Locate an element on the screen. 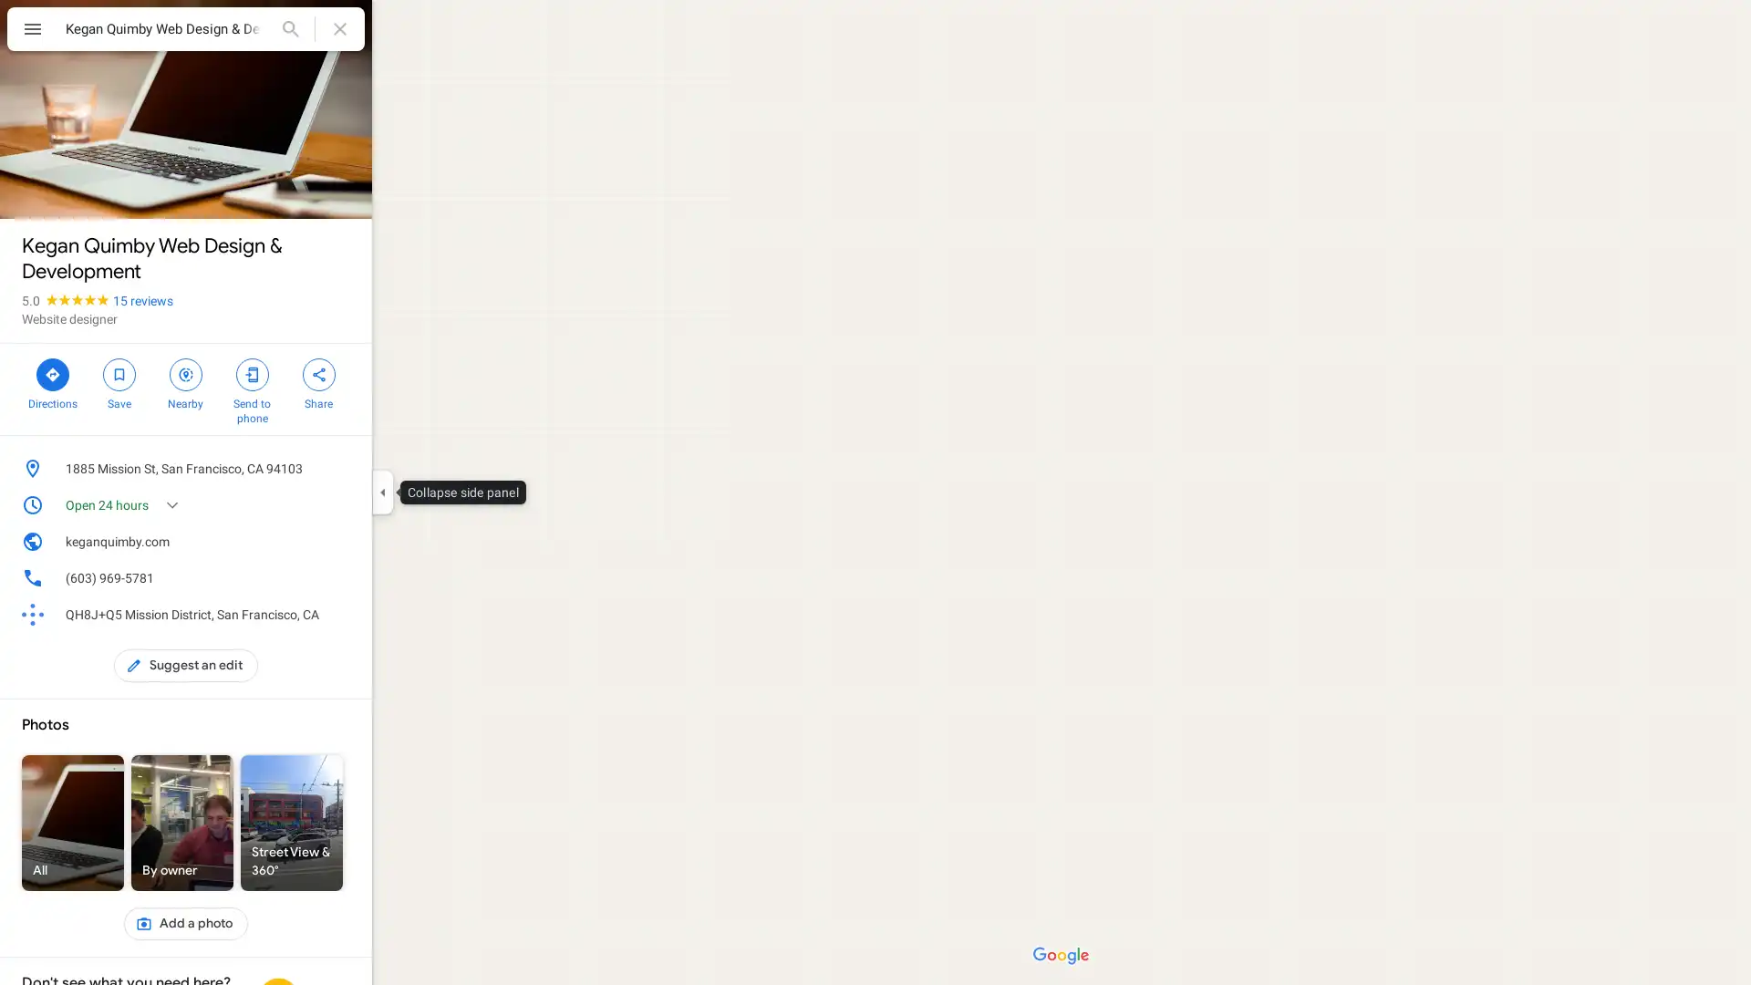  Copy address is located at coordinates (341, 467).